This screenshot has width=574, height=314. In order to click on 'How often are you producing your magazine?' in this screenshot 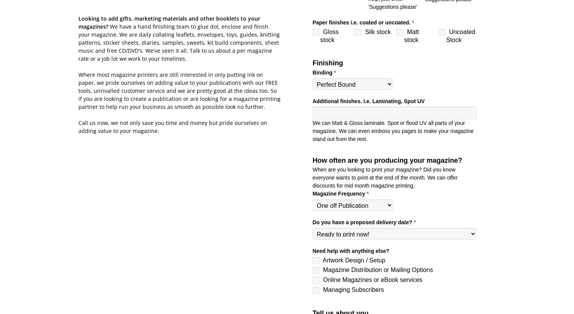, I will do `click(387, 159)`.